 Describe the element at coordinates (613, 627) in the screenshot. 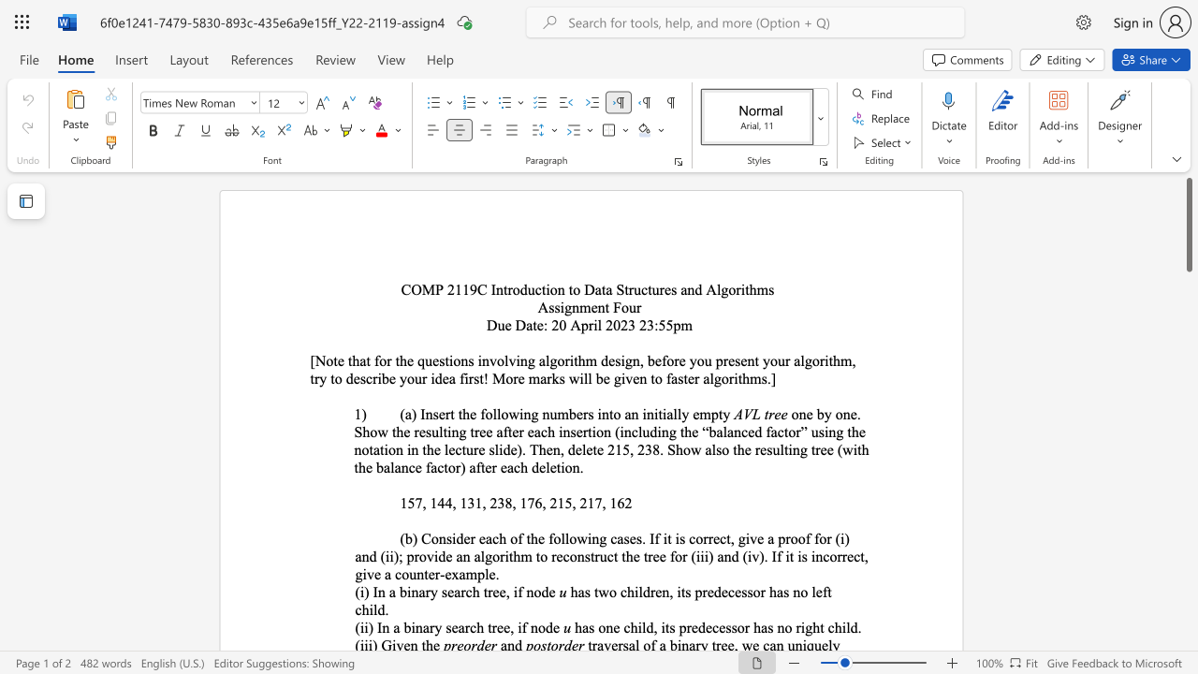

I see `the subset text "e child, its pred" within the text "has one child, its predecessor has no right child."` at that location.